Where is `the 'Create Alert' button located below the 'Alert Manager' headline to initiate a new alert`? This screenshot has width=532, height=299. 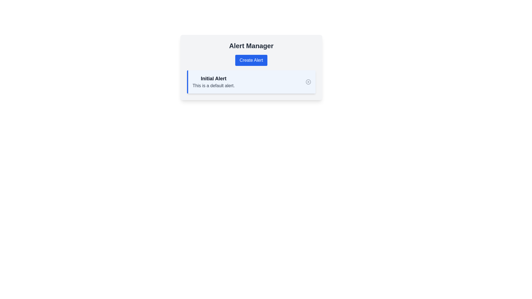 the 'Create Alert' button located below the 'Alert Manager' headline to initiate a new alert is located at coordinates (251, 53).